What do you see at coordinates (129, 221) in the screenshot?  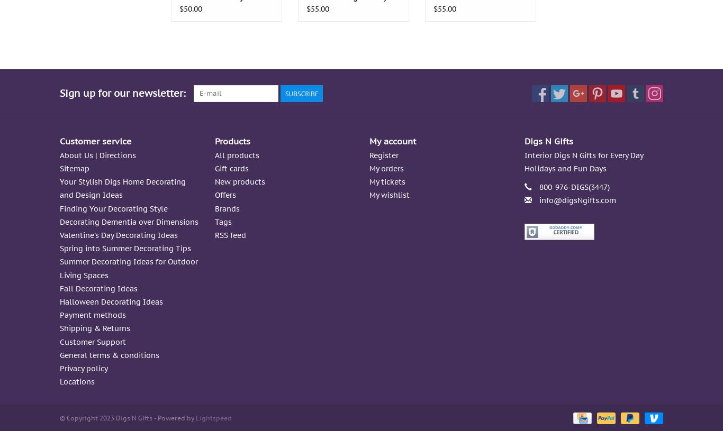 I see `'Decorating Dementia over Dimensions'` at bounding box center [129, 221].